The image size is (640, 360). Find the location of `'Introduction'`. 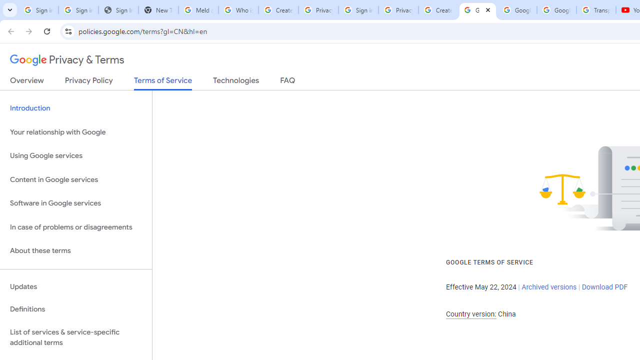

'Introduction' is located at coordinates (75, 108).